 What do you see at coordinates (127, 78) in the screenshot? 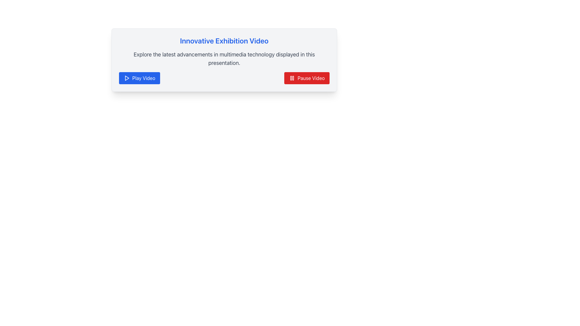
I see `the 'Play Video' button located below the heading 'Innovative Exhibition Video', which is represented by the leftmost icon indicating the play action` at bounding box center [127, 78].